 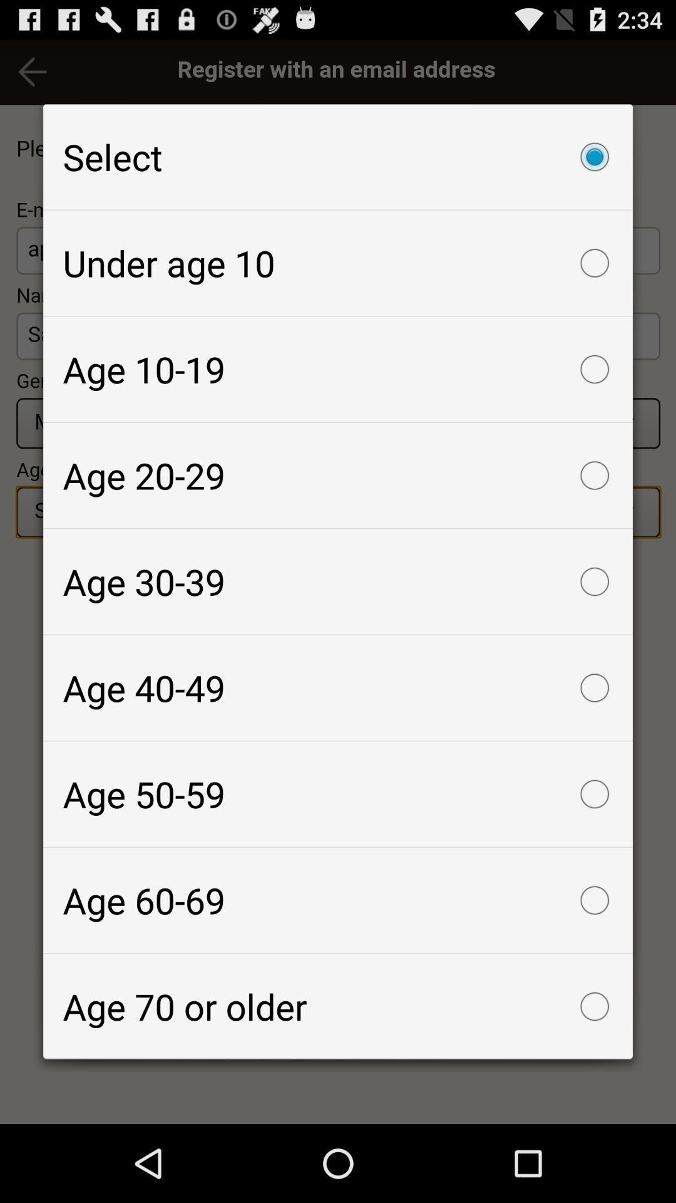 I want to click on the age 20-29 icon, so click(x=338, y=474).